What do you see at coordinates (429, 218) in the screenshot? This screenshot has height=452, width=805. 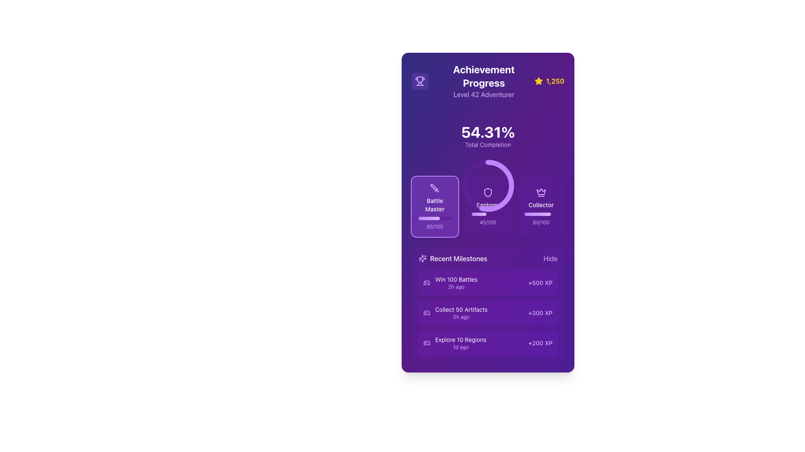 I see `the progress bar with a gradient from purple to light purple, located within the 'Battle Master' card, which visually represents 65% completion` at bounding box center [429, 218].